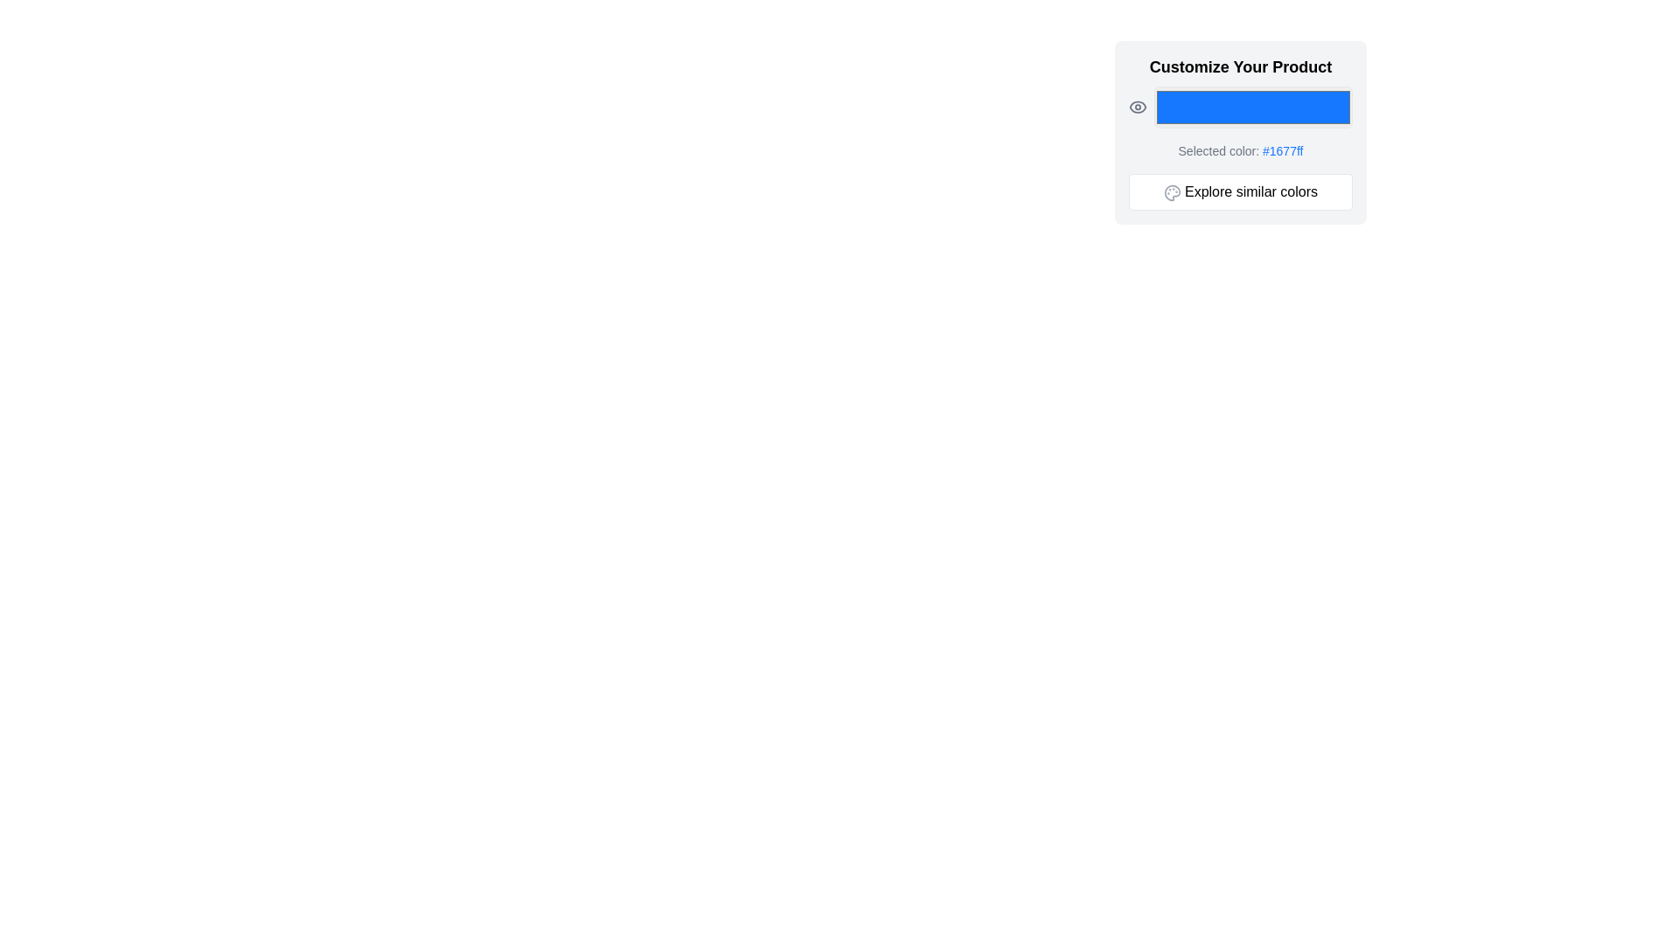 The width and height of the screenshot is (1679, 944). I want to click on the palette icon located inside the 'Explore similar colors' button, which is within the 'Customize Your Product' box, positioned to the left of the button text, so click(1172, 192).